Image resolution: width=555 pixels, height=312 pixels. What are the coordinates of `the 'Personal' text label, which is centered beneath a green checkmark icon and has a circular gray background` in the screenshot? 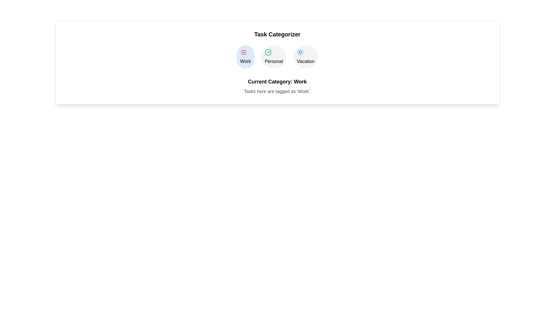 It's located at (273, 61).